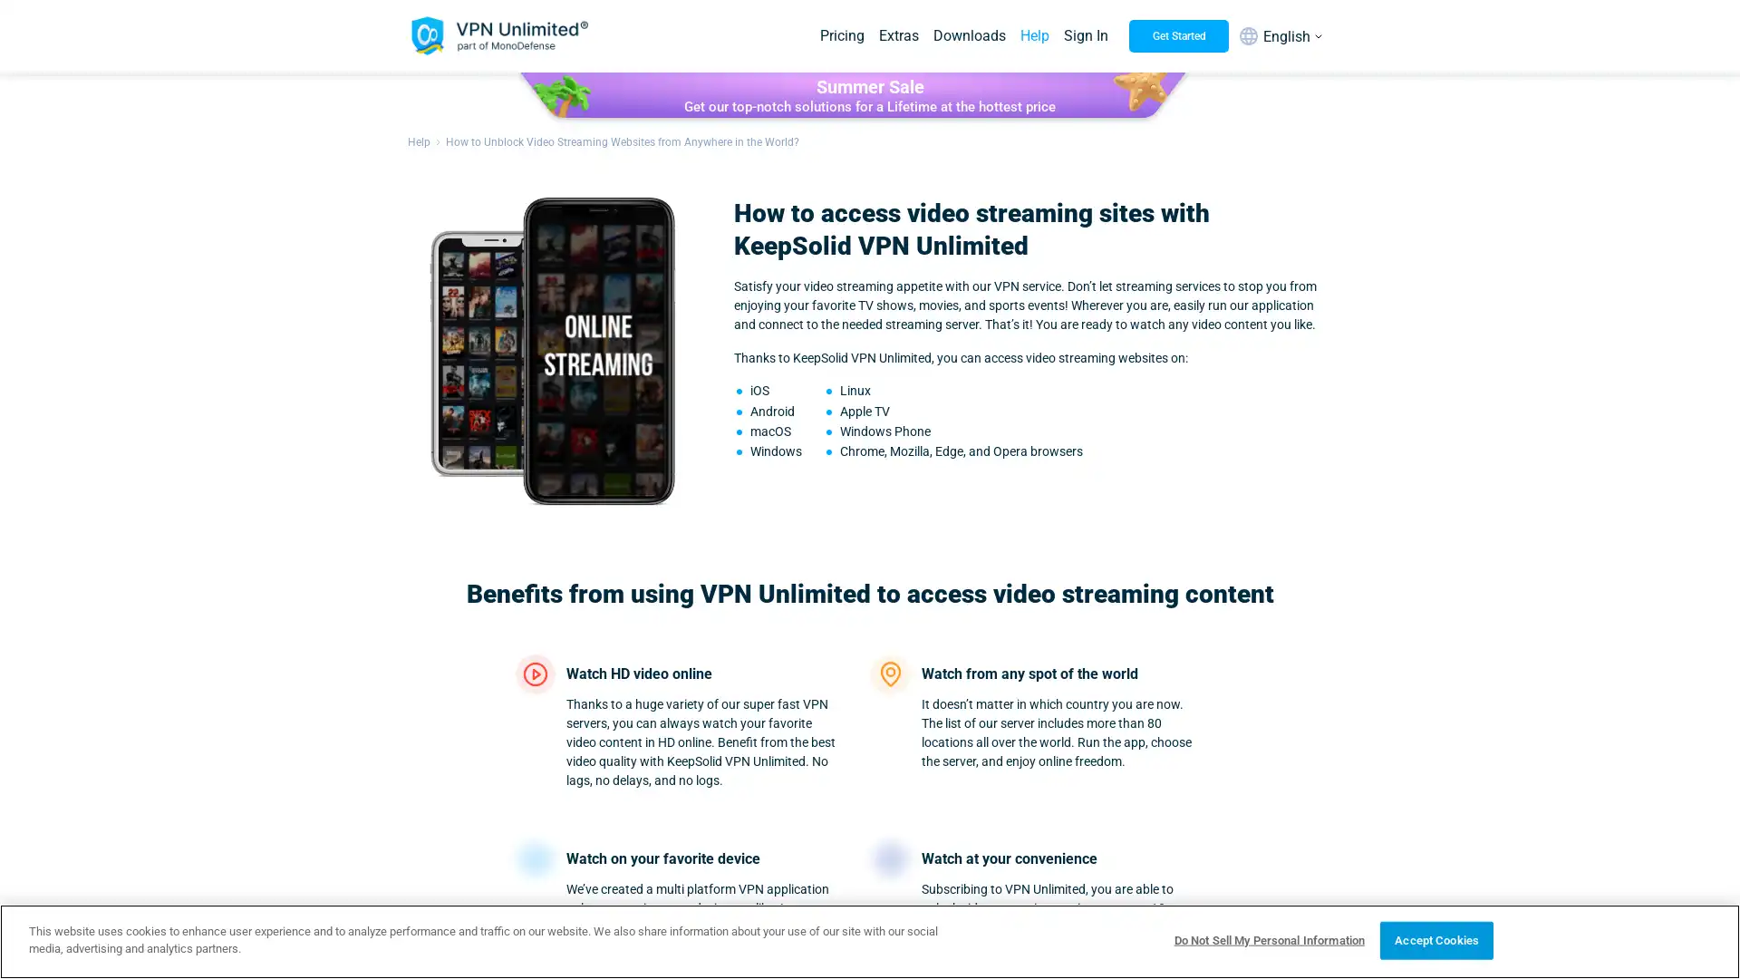  Describe the element at coordinates (1268, 939) in the screenshot. I see `Do Not Sell My Personal Information` at that location.